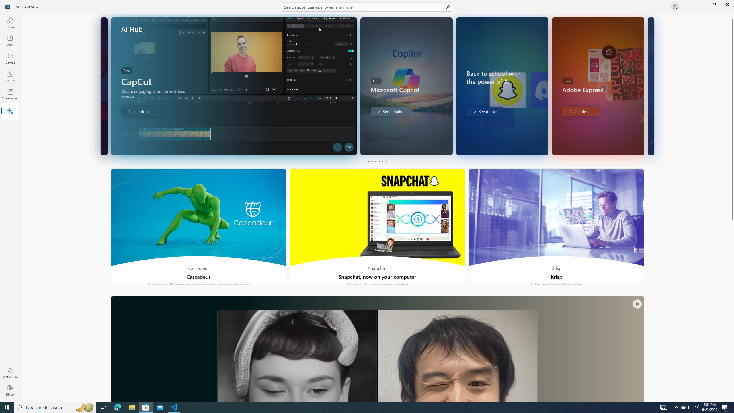 This screenshot has width=734, height=413. What do you see at coordinates (10, 372) in the screenshot?
I see `'What'` at bounding box center [10, 372].